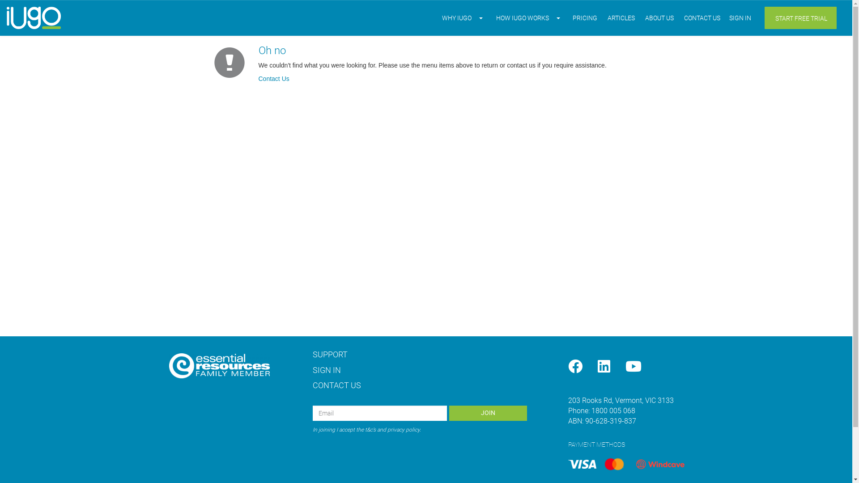  I want to click on 'SIGN IN', so click(326, 370).